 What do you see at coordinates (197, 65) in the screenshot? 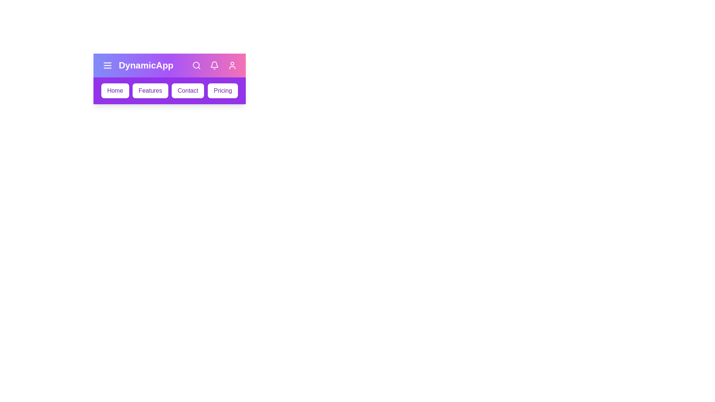
I see `the search icon to activate the search functionality` at bounding box center [197, 65].